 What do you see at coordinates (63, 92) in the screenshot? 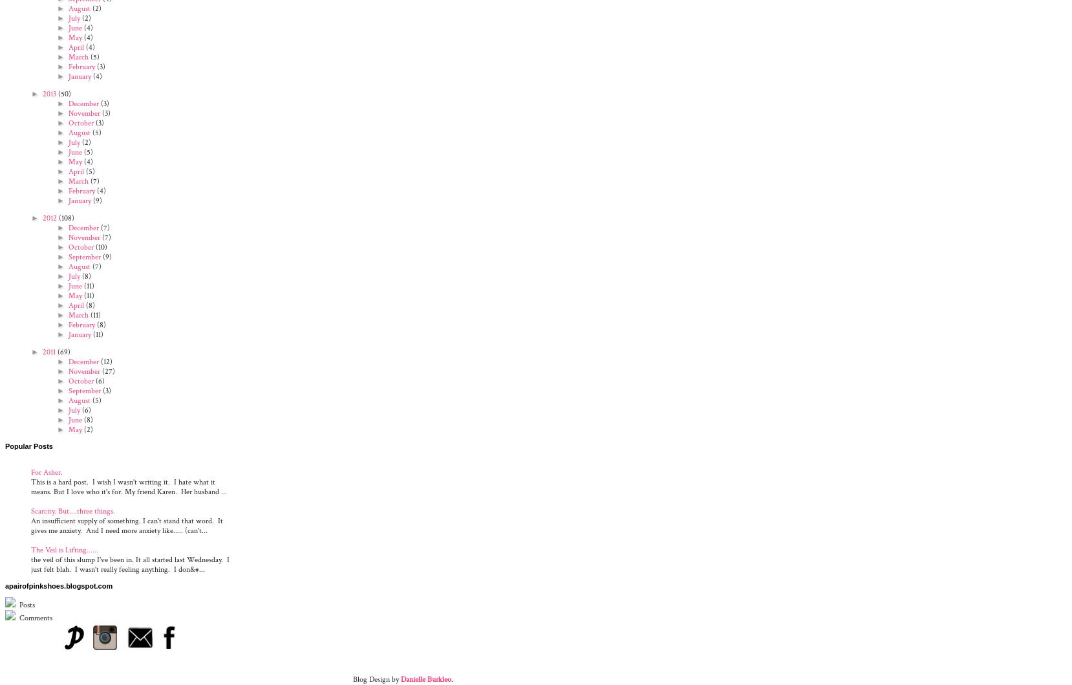
I see `'(50)'` at bounding box center [63, 92].